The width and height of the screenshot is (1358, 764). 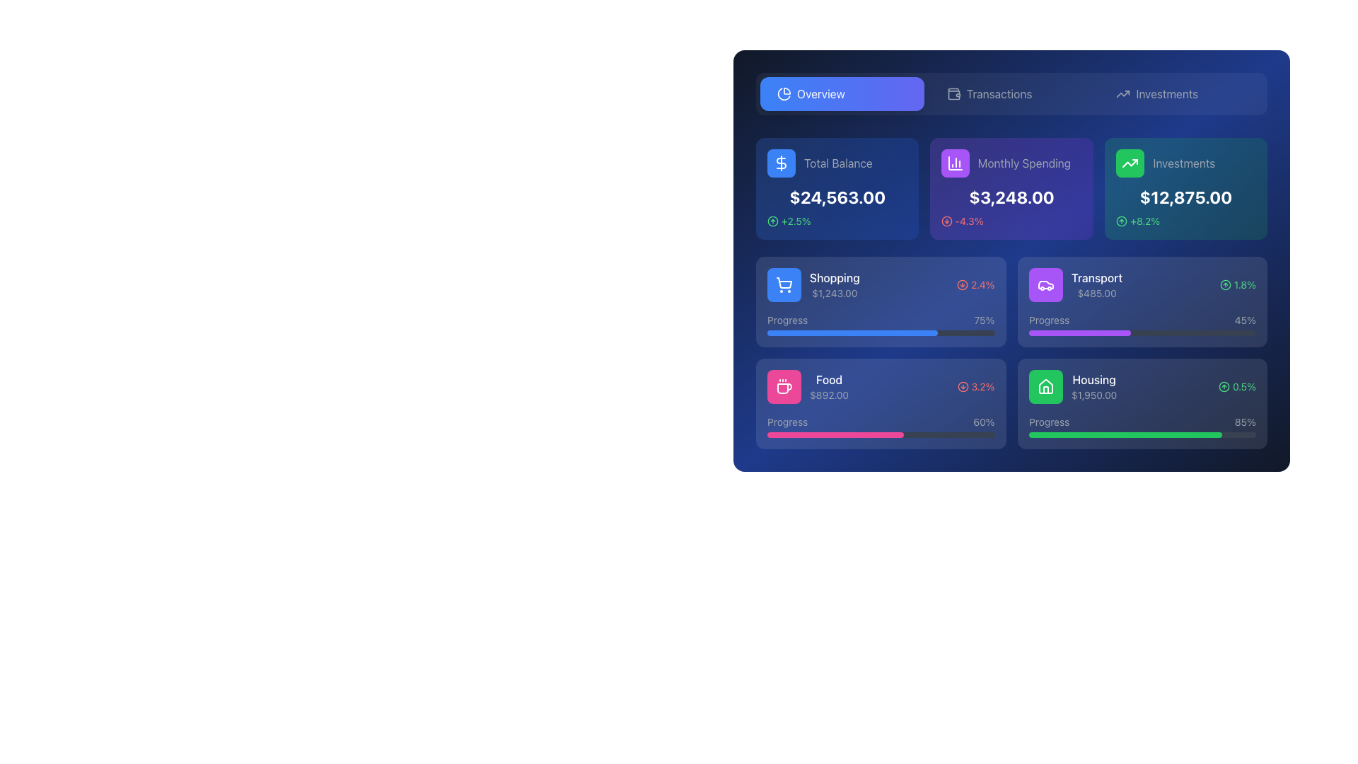 What do you see at coordinates (813, 284) in the screenshot?
I see `the text '$1,243.00'` at bounding box center [813, 284].